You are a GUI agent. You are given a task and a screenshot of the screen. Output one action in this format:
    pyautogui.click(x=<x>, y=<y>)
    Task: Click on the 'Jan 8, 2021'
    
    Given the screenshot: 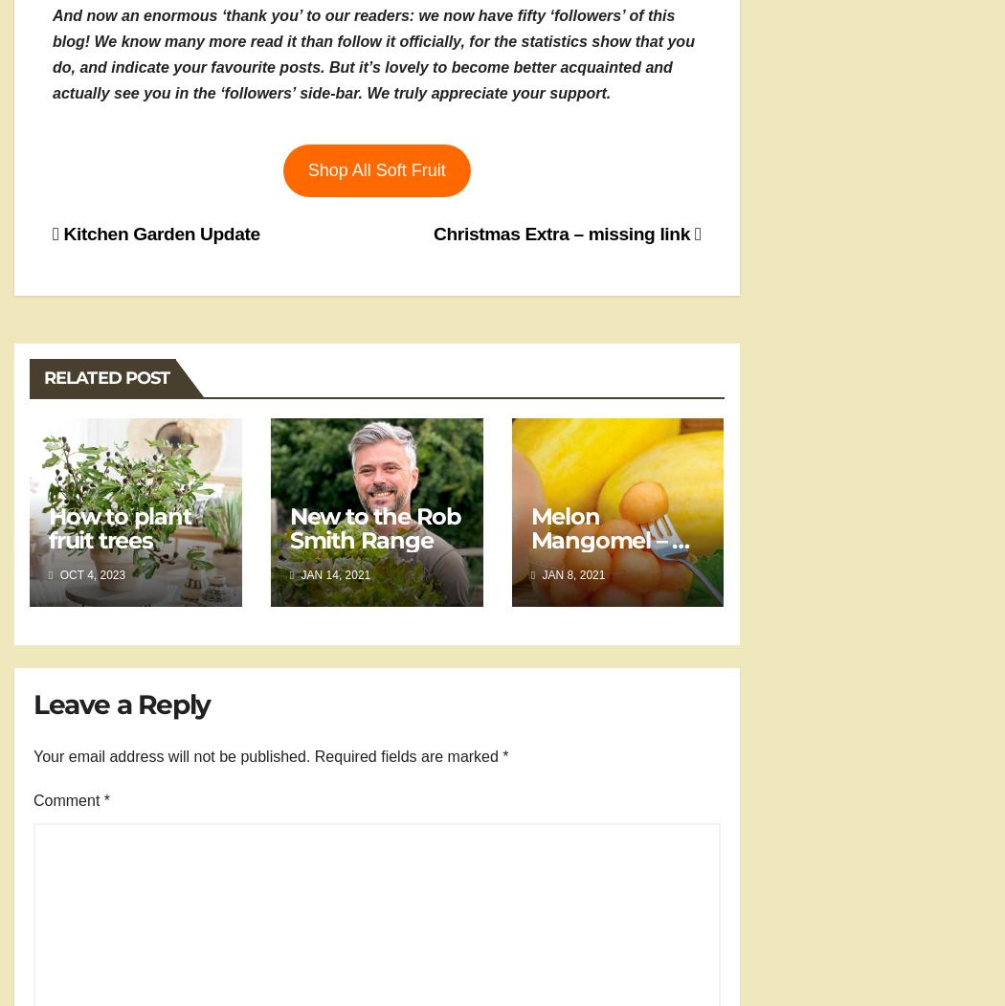 What is the action you would take?
    pyautogui.click(x=570, y=574)
    